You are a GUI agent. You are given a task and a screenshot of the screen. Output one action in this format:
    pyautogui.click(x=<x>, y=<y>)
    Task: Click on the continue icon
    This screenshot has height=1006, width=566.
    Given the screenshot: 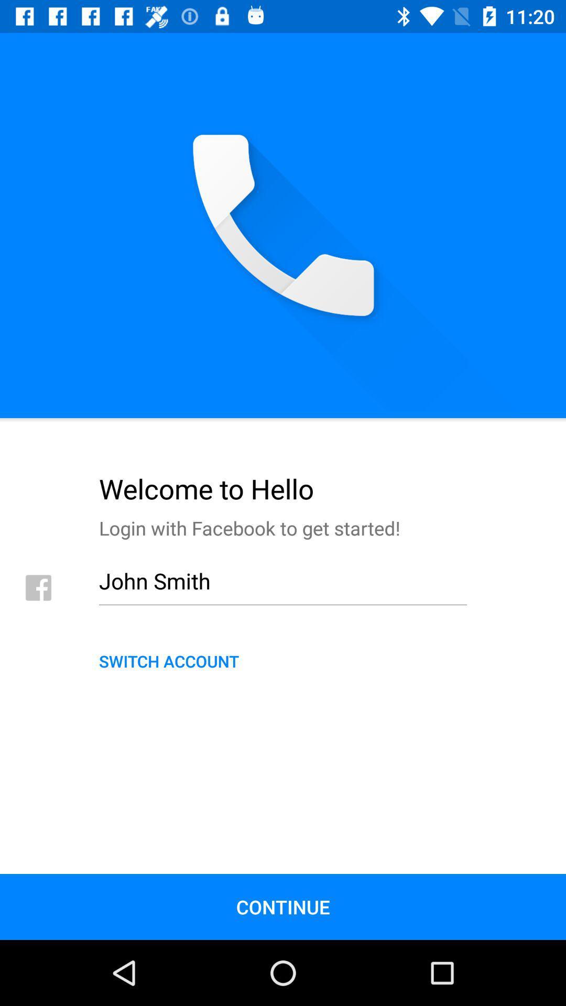 What is the action you would take?
    pyautogui.click(x=283, y=906)
    